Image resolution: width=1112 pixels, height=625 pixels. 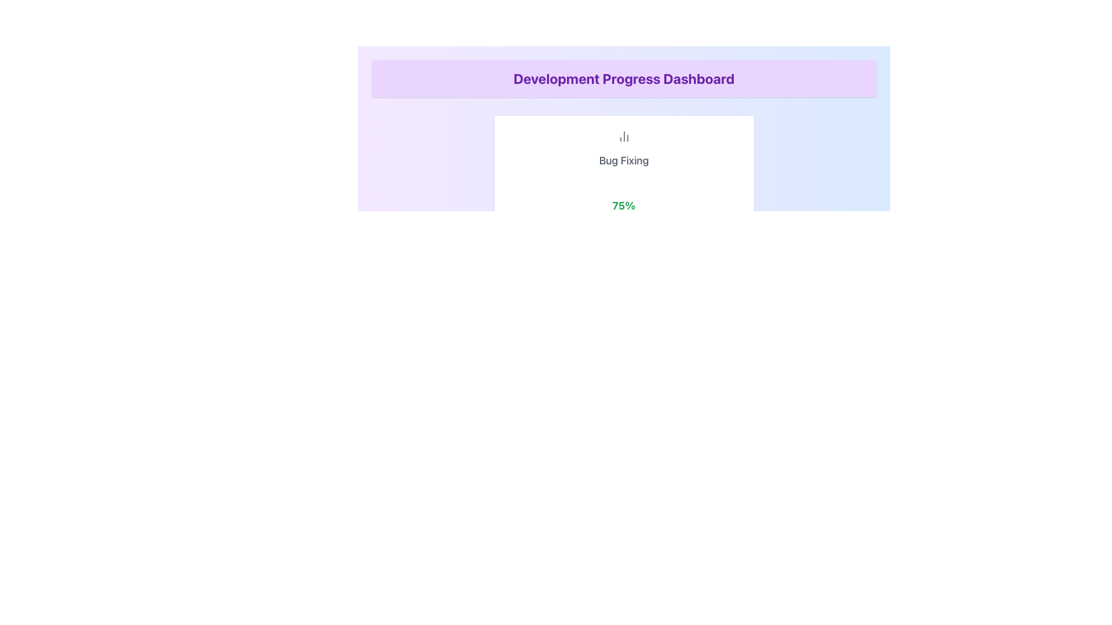 I want to click on the decorative icon related to 'Bug Fixing' located at the top of the white card, above the text 'Bug Fixing' and '75%', so click(x=623, y=135).